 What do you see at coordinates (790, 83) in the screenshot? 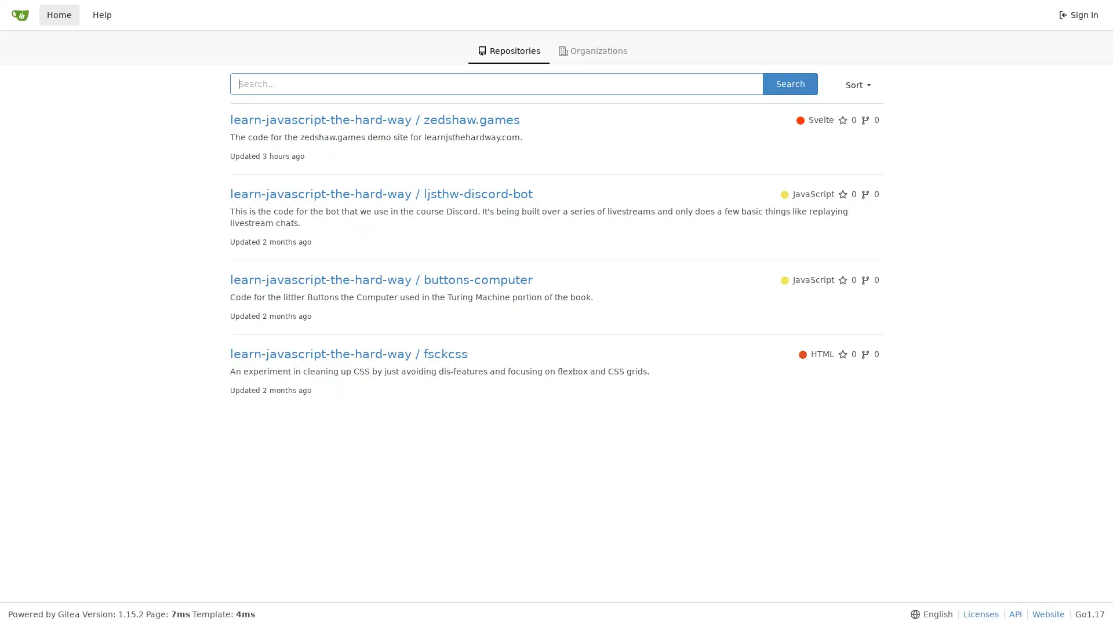
I see `Search` at bounding box center [790, 83].